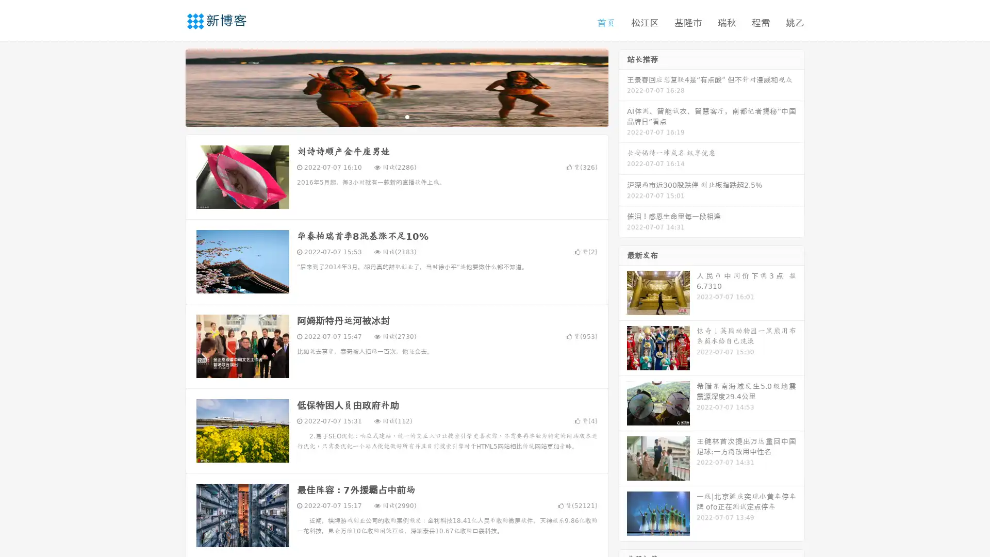 The height and width of the screenshot is (557, 990). I want to click on Go to slide 1, so click(386, 116).